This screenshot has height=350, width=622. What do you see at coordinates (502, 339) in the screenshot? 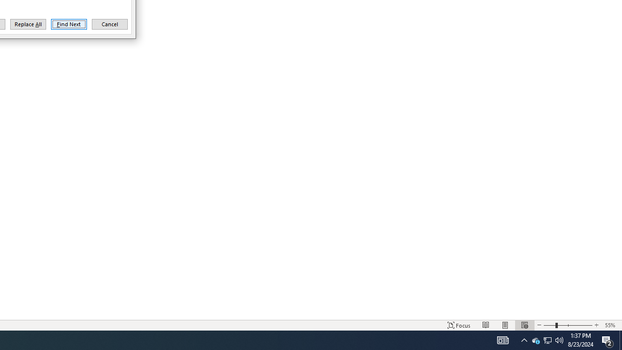
I see `'Print Layout'` at bounding box center [502, 339].